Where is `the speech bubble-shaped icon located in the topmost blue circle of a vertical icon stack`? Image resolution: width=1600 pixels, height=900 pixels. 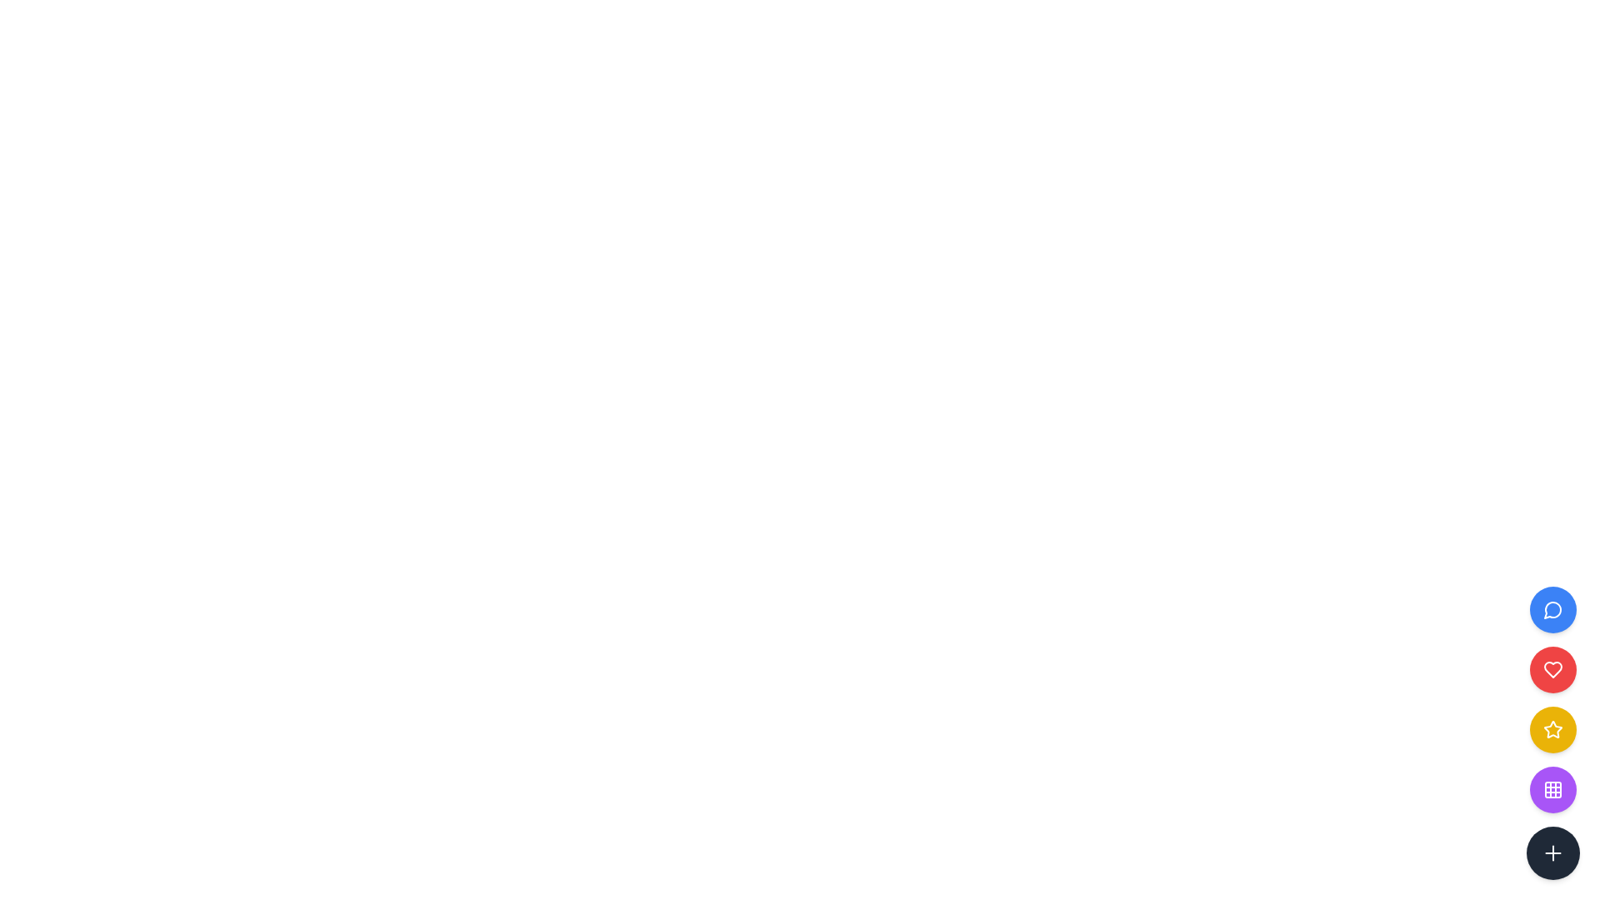
the speech bubble-shaped icon located in the topmost blue circle of a vertical icon stack is located at coordinates (1552, 610).